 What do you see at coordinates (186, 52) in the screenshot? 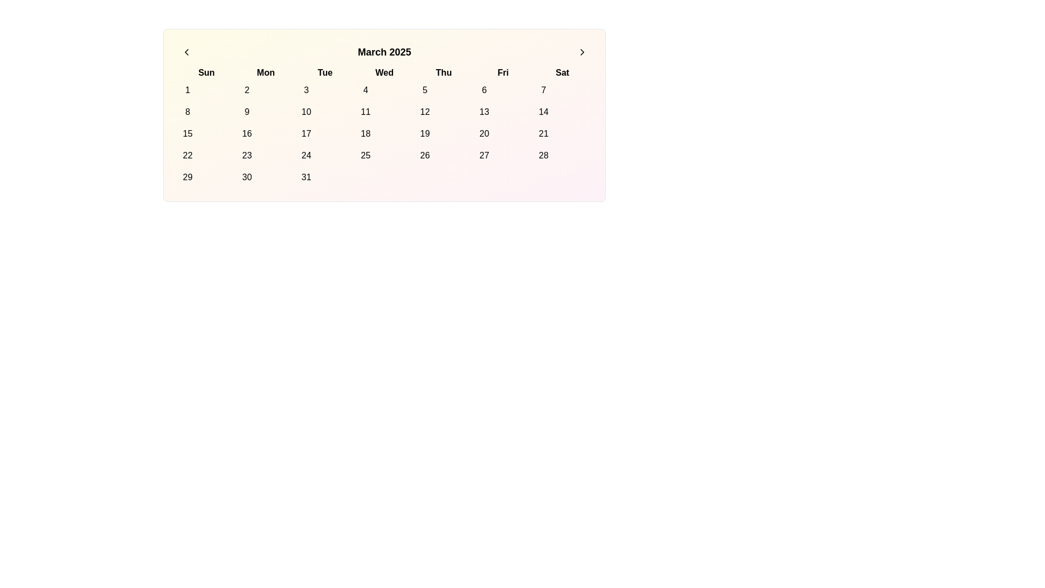
I see `the chevron SVG Icon located inside the rounded button at the top-left corner of the calendar widget` at bounding box center [186, 52].